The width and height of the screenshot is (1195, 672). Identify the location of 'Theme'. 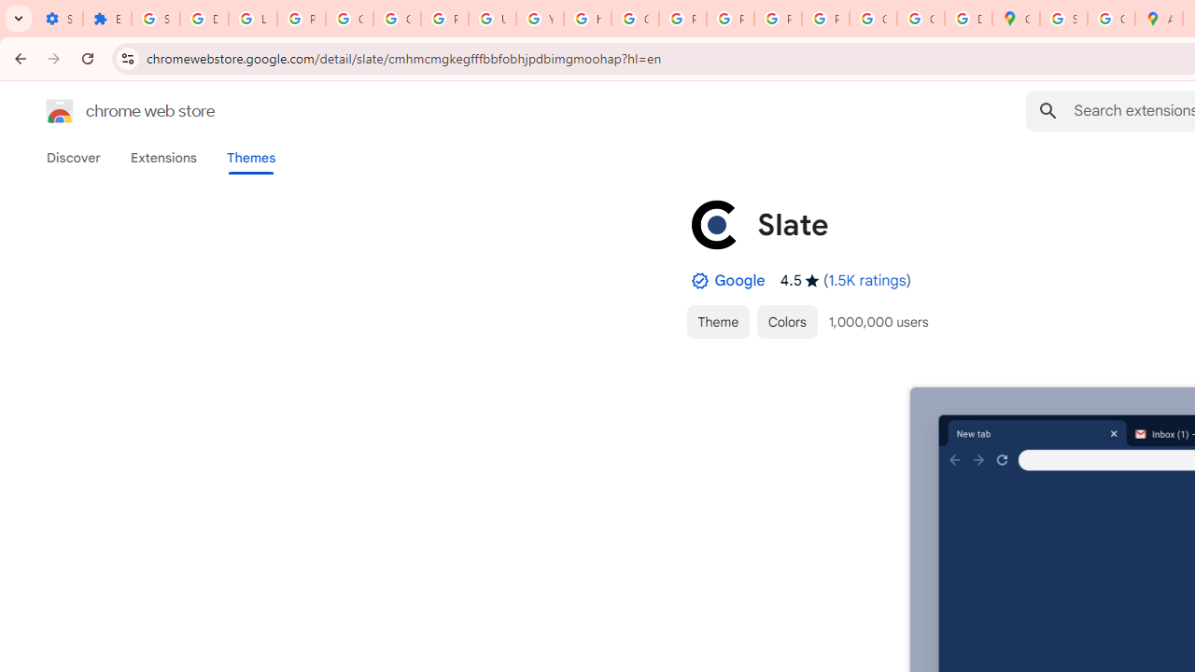
(717, 320).